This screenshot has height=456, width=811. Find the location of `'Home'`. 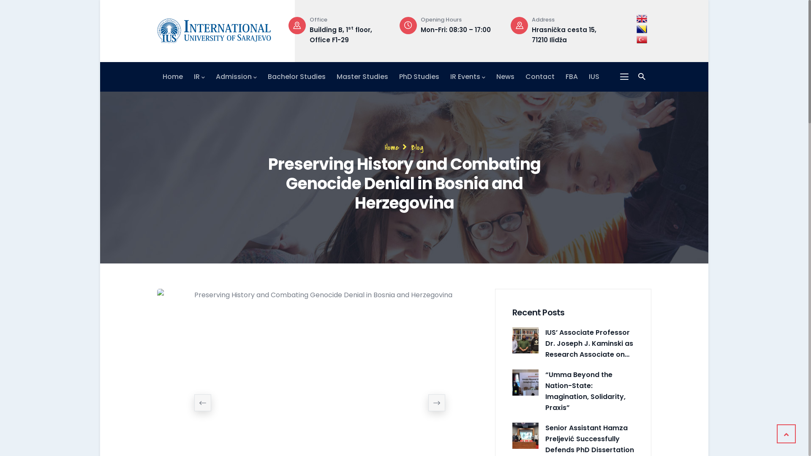

'Home' is located at coordinates (172, 76).